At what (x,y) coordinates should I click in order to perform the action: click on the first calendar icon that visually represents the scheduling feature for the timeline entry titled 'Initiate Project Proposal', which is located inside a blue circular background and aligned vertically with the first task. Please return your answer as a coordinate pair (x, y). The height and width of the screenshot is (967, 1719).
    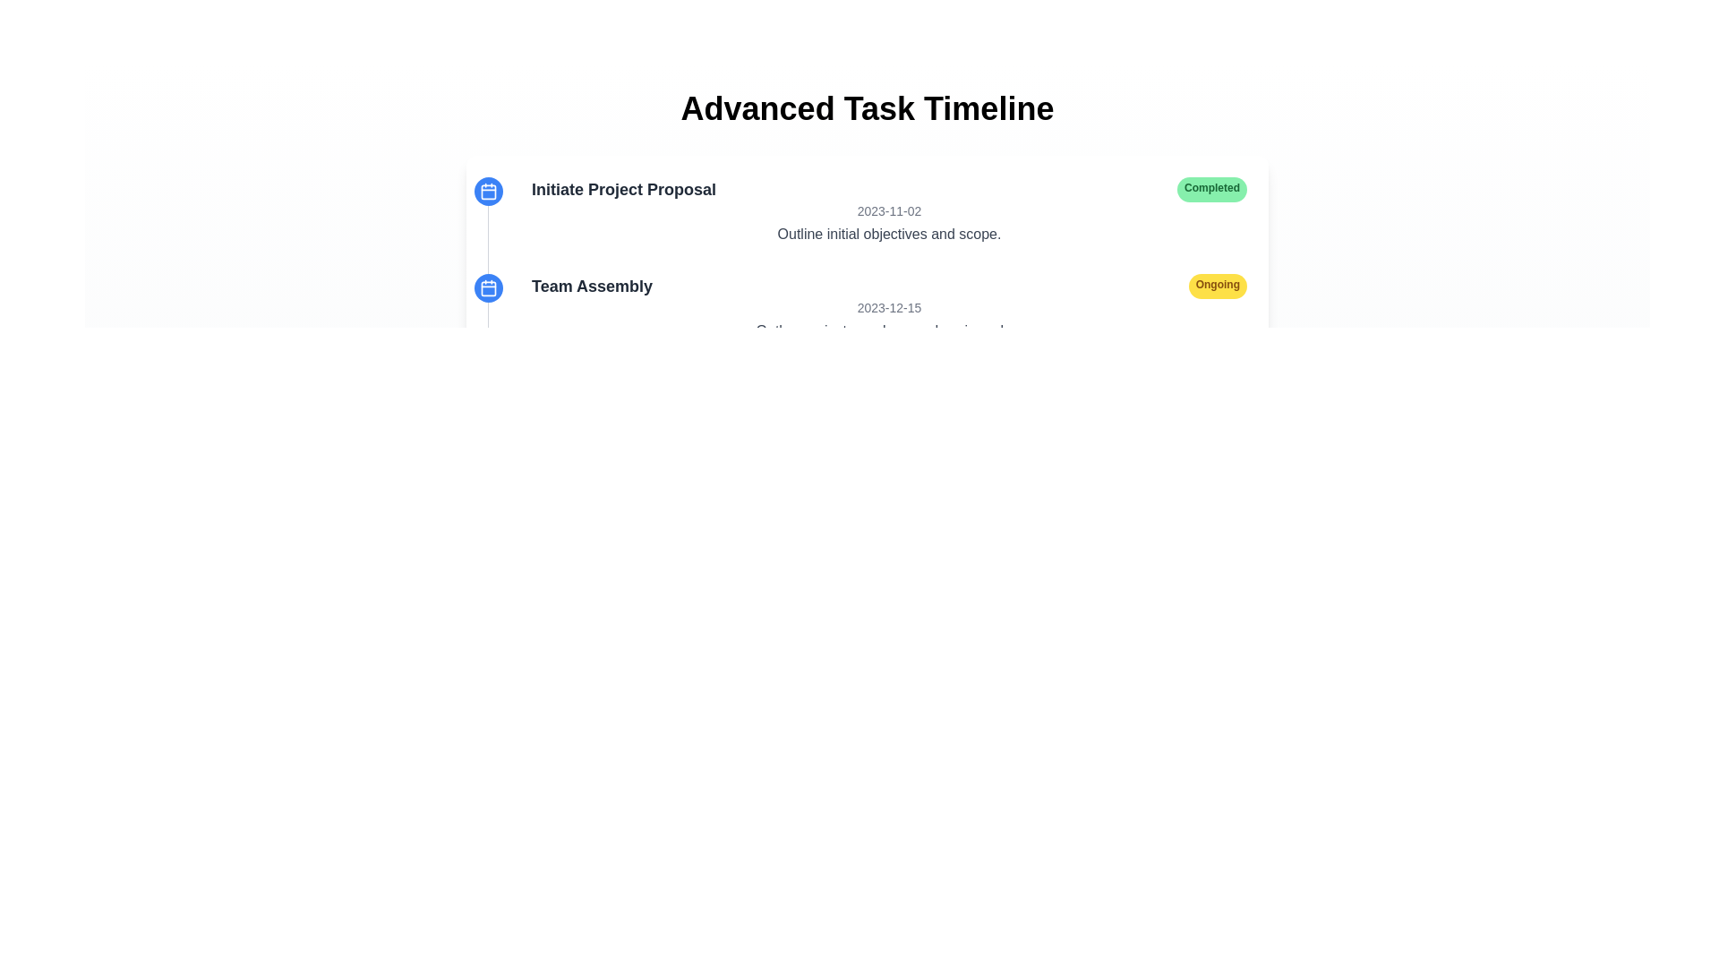
    Looking at the image, I should click on (489, 191).